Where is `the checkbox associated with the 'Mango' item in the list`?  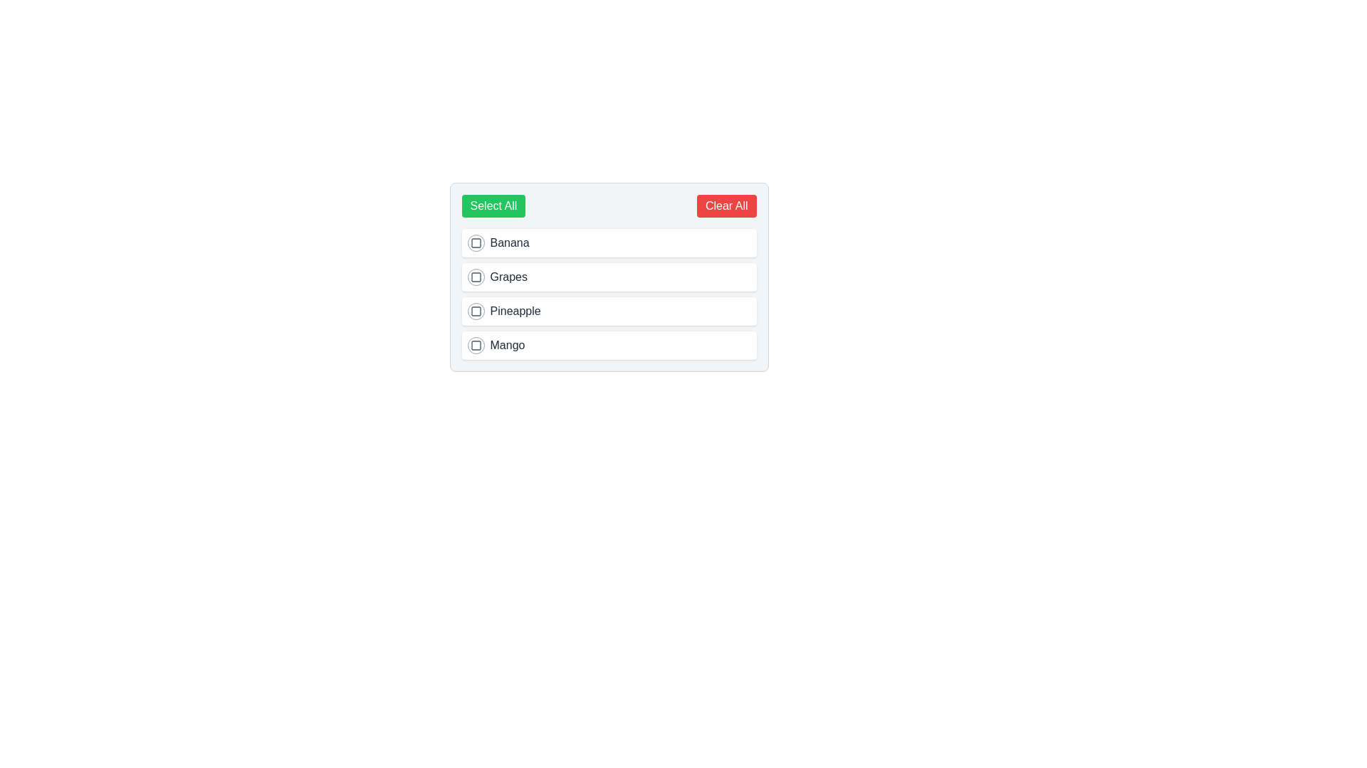 the checkbox associated with the 'Mango' item in the list is located at coordinates (476, 346).